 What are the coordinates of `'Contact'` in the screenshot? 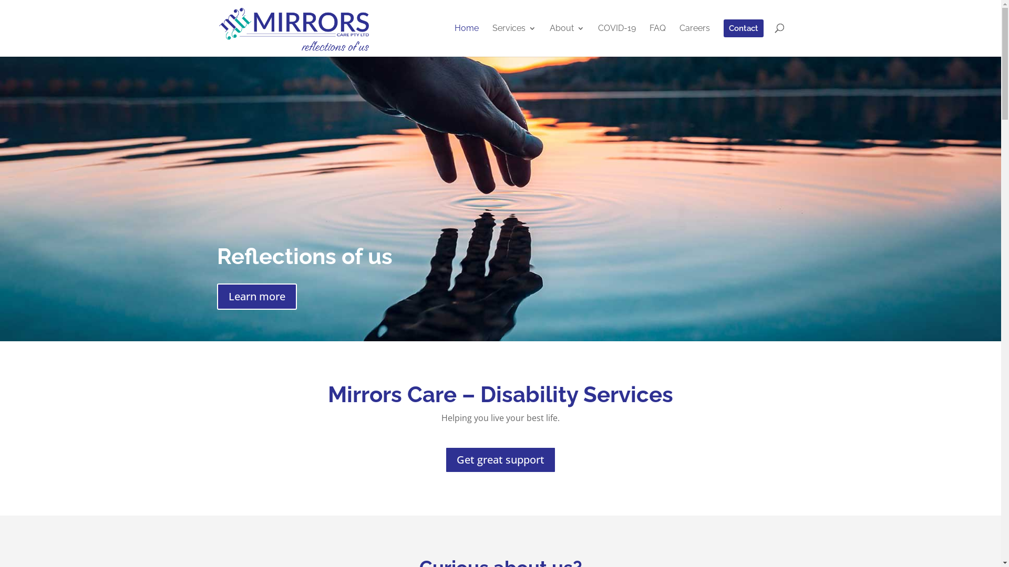 It's located at (743, 37).